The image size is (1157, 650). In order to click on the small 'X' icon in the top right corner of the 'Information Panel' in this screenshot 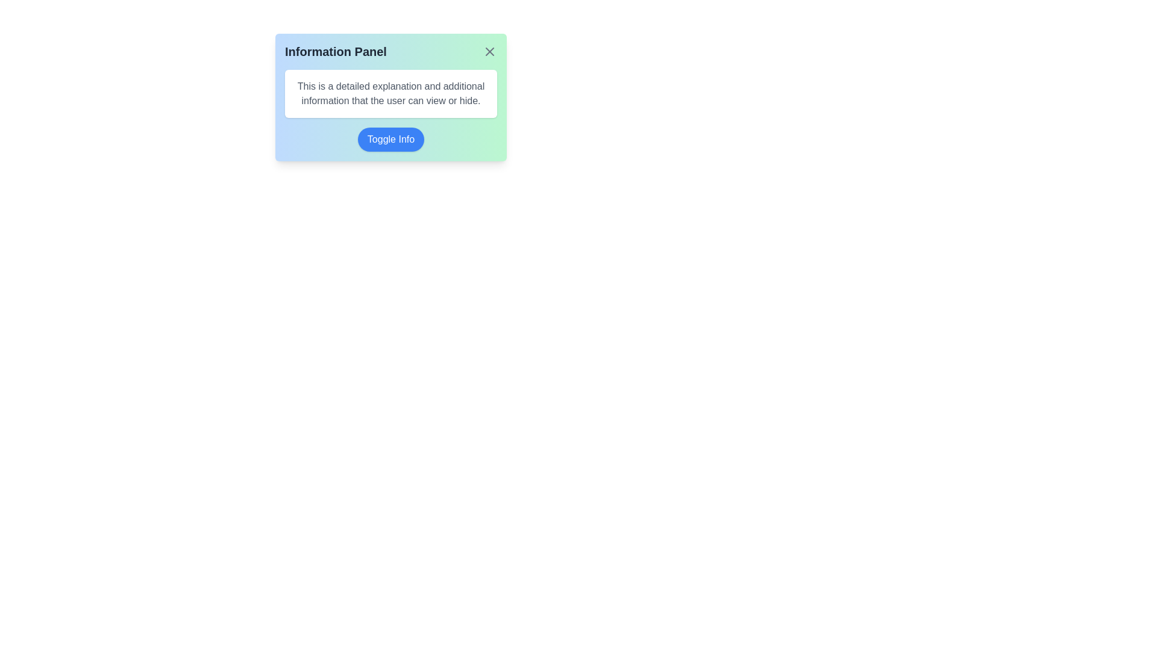, I will do `click(489, 51)`.